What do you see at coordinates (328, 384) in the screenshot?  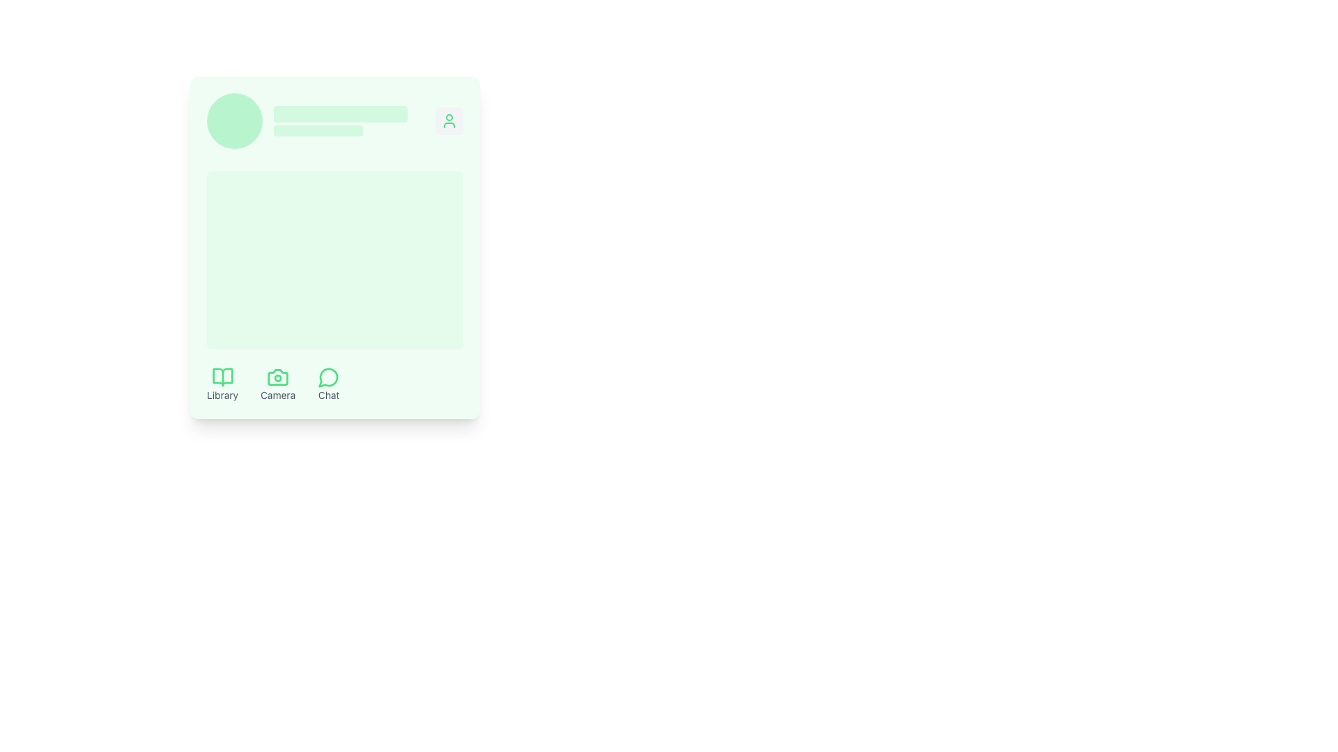 I see `the green circular speech bubble button labeled 'Chat'` at bounding box center [328, 384].